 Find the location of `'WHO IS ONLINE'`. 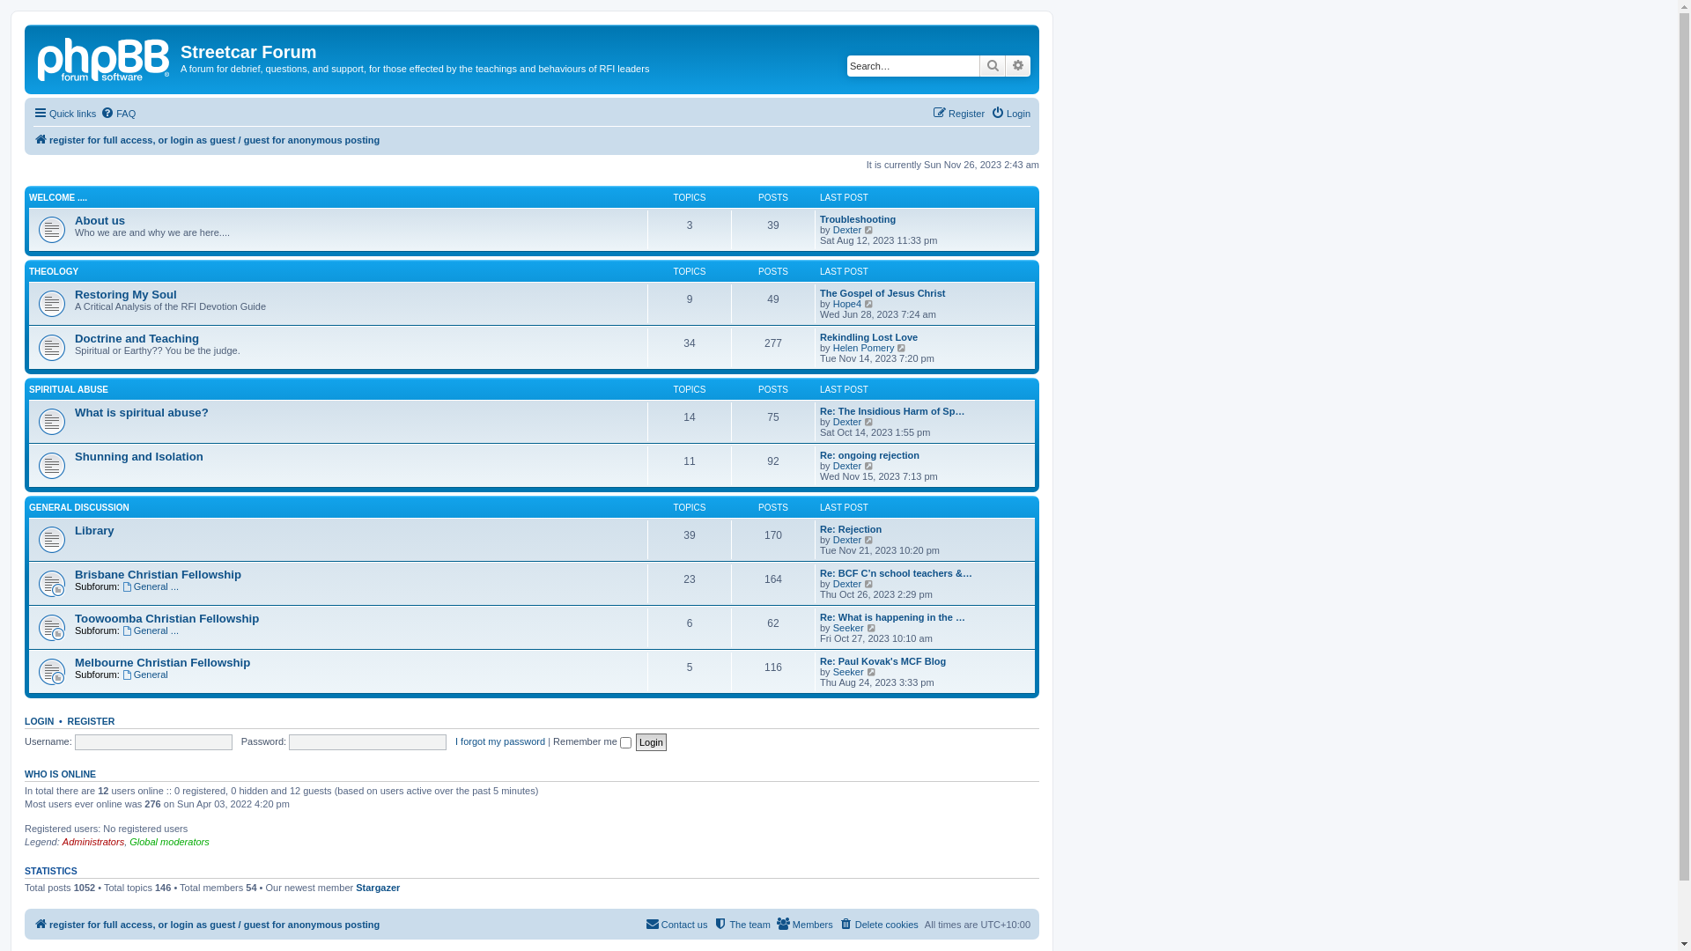

'WHO IS ONLINE' is located at coordinates (25, 773).